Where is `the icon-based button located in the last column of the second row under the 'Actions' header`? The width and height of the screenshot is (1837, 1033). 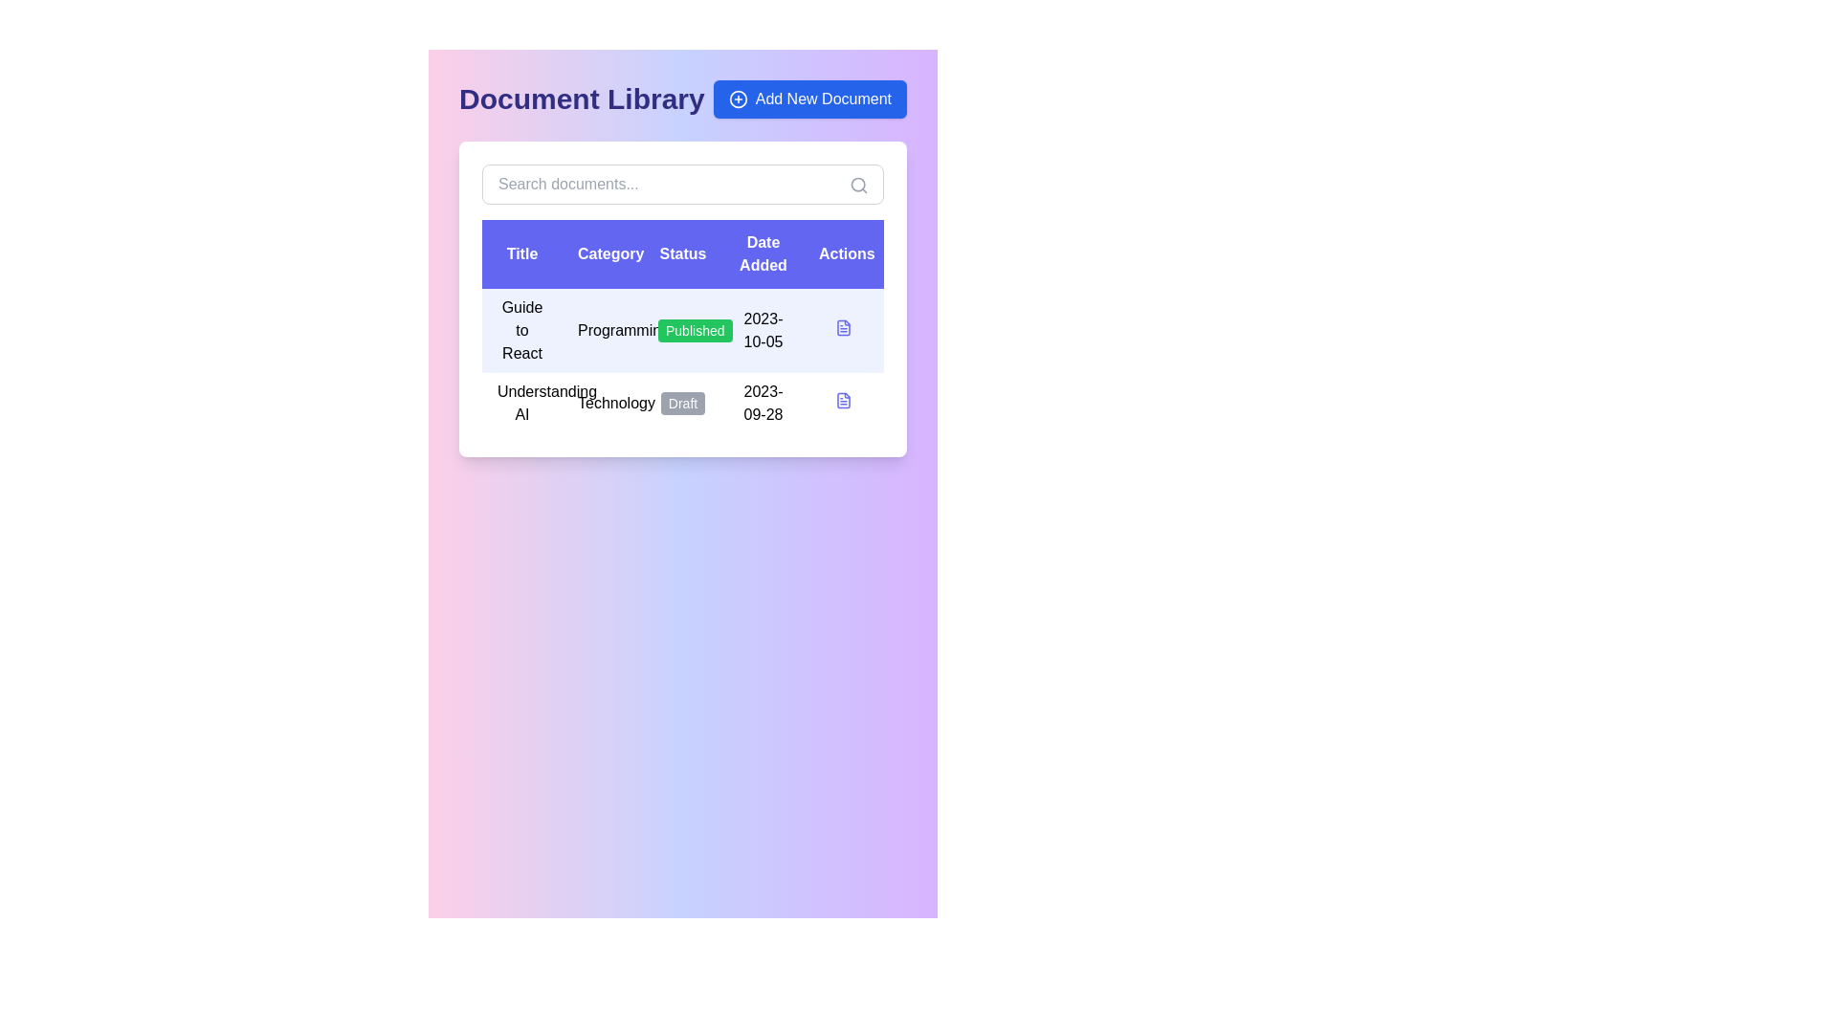
the icon-based button located in the last column of the second row under the 'Actions' header is located at coordinates (843, 402).